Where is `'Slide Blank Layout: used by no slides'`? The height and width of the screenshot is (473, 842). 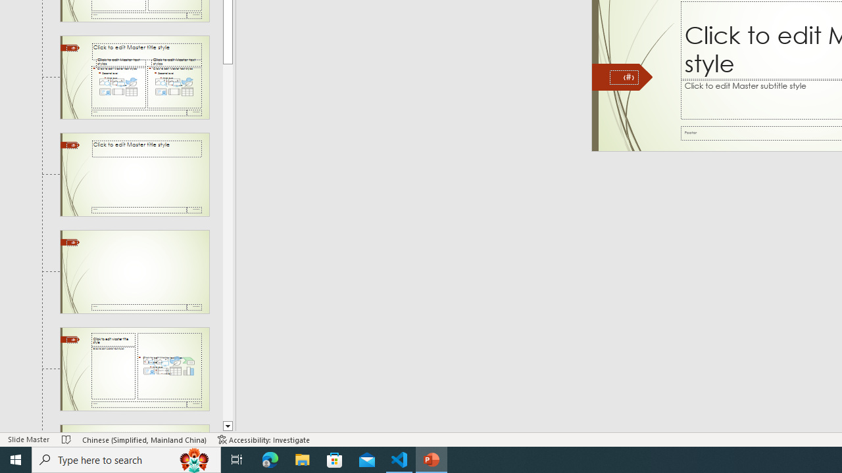
'Slide Blank Layout: used by no slides' is located at coordinates (134, 271).